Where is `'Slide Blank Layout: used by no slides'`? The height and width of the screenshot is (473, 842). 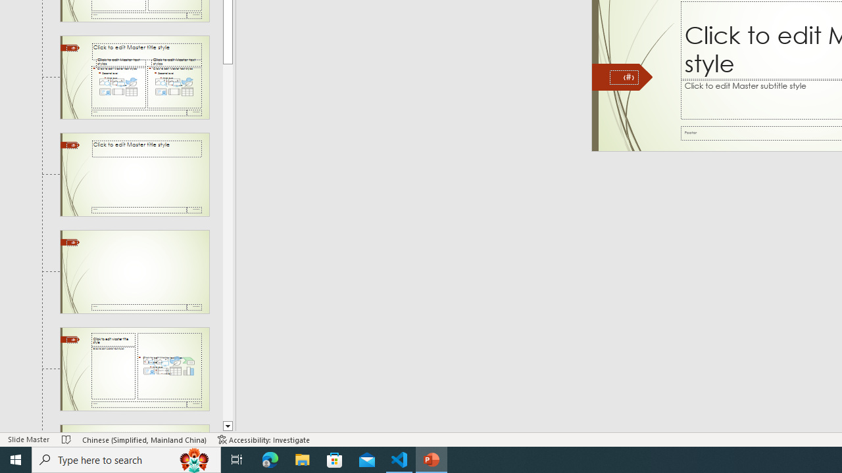
'Slide Blank Layout: used by no slides' is located at coordinates (134, 271).